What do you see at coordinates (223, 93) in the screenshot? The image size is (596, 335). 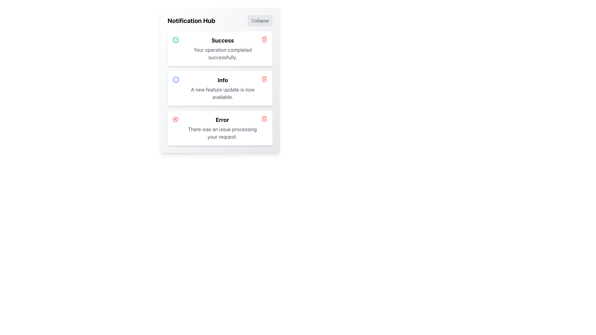 I see `text label providing additional details about the 'Info' notification under the 'Notification Hub' panel` at bounding box center [223, 93].